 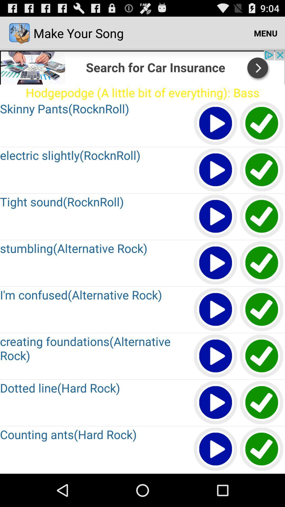 What do you see at coordinates (262, 263) in the screenshot?
I see `the track` at bounding box center [262, 263].